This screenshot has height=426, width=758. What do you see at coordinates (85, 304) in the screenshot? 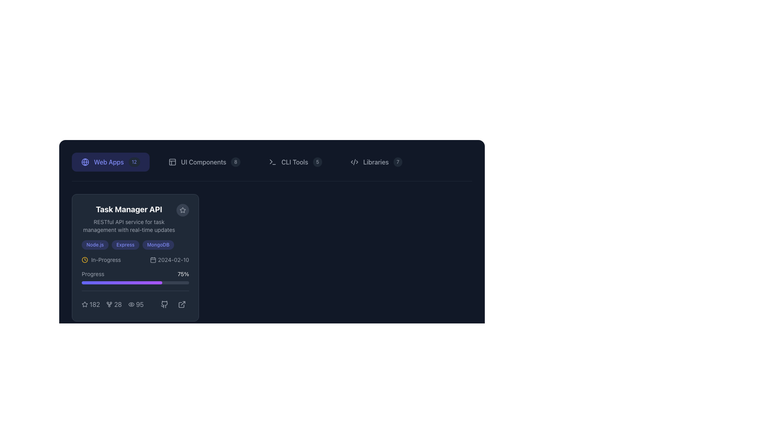
I see `the hollow star-shaped icon in the upper right corner of the 'Task Manager API' card` at bounding box center [85, 304].